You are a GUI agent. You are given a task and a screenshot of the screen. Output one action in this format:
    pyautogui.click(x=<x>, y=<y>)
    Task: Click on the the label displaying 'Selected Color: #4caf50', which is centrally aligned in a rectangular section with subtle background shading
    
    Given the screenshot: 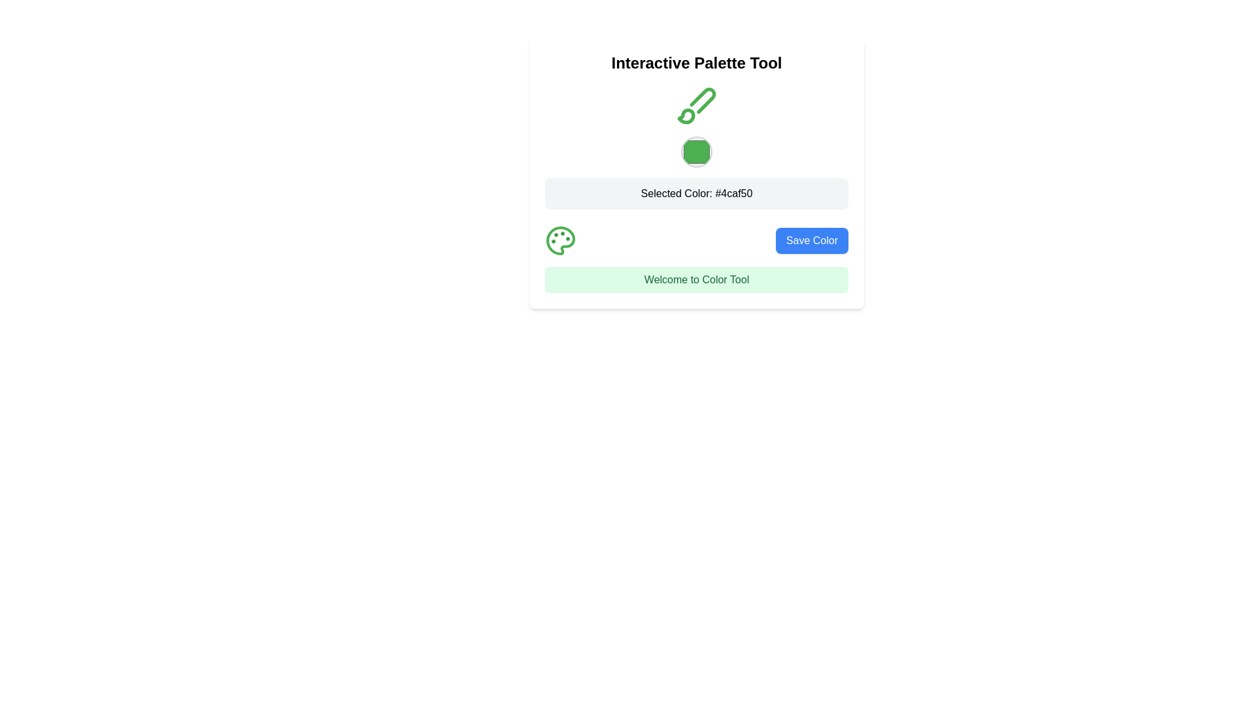 What is the action you would take?
    pyautogui.click(x=695, y=193)
    